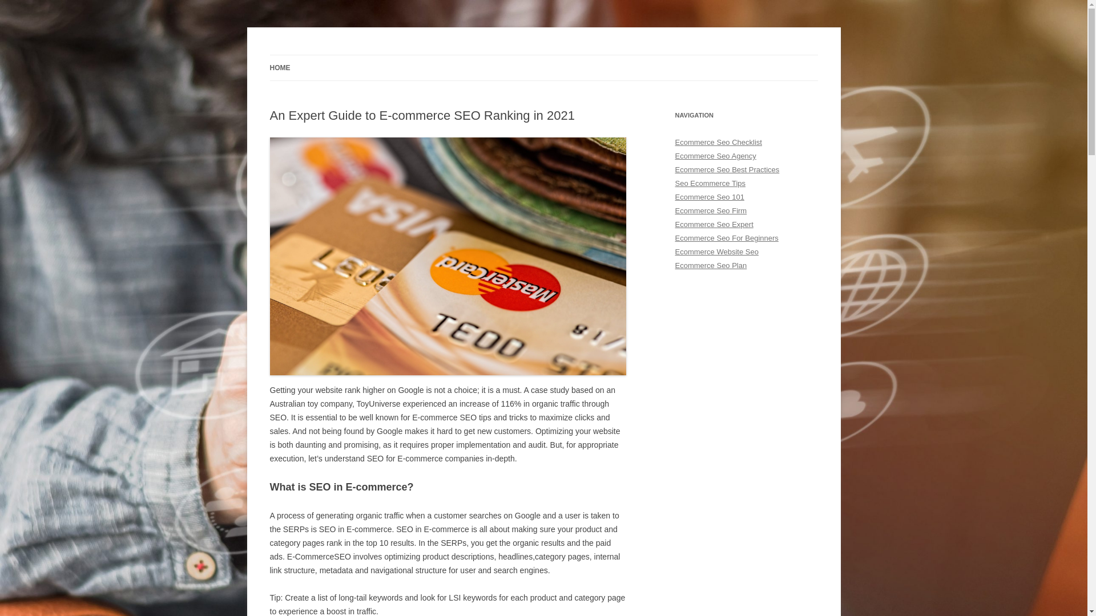 The height and width of the screenshot is (616, 1096). I want to click on 'E-commerce SEO', so click(331, 55).